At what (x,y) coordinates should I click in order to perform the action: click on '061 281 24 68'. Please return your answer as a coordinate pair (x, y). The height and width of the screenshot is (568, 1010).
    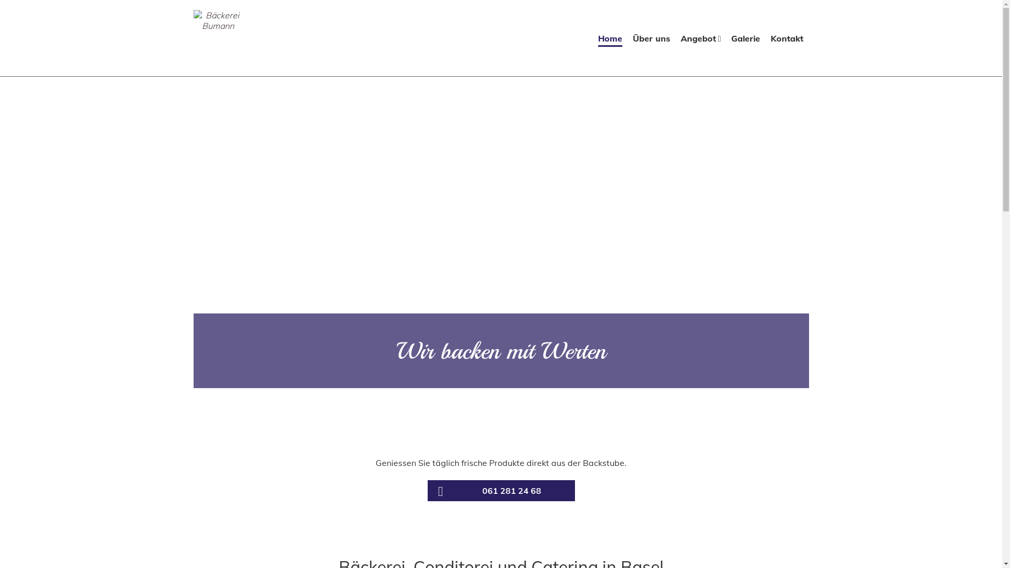
    Looking at the image, I should click on (427, 491).